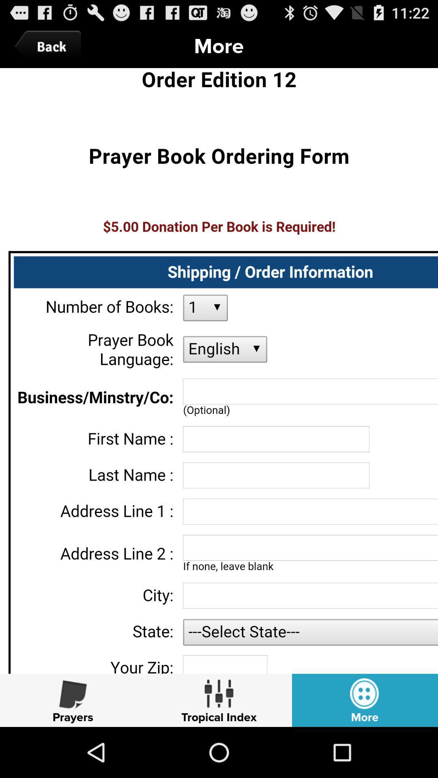  I want to click on shipping information, so click(219, 370).